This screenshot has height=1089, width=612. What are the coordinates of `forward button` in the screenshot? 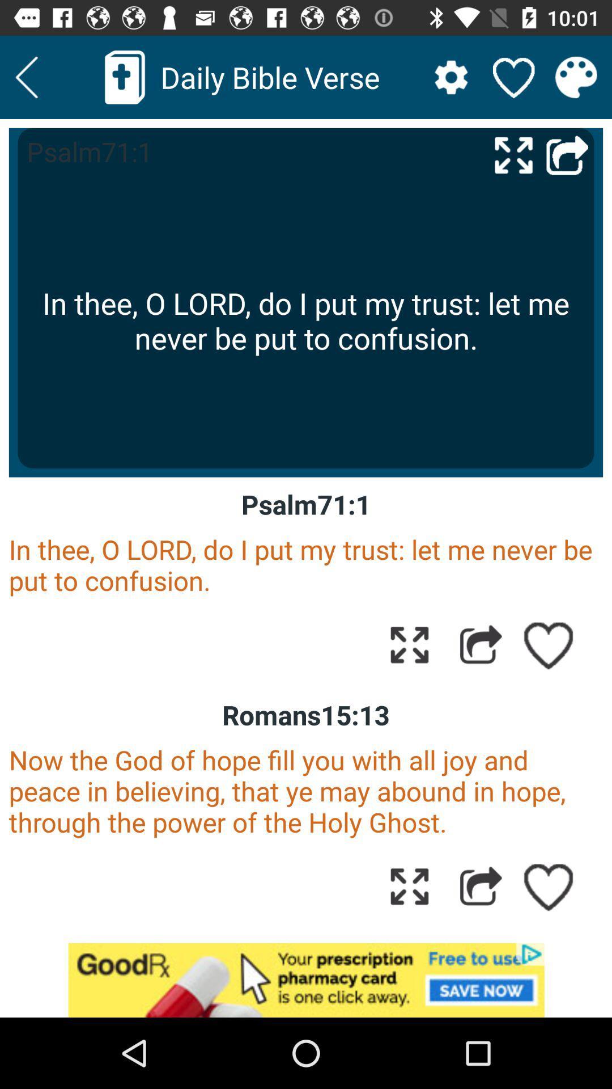 It's located at (481, 885).